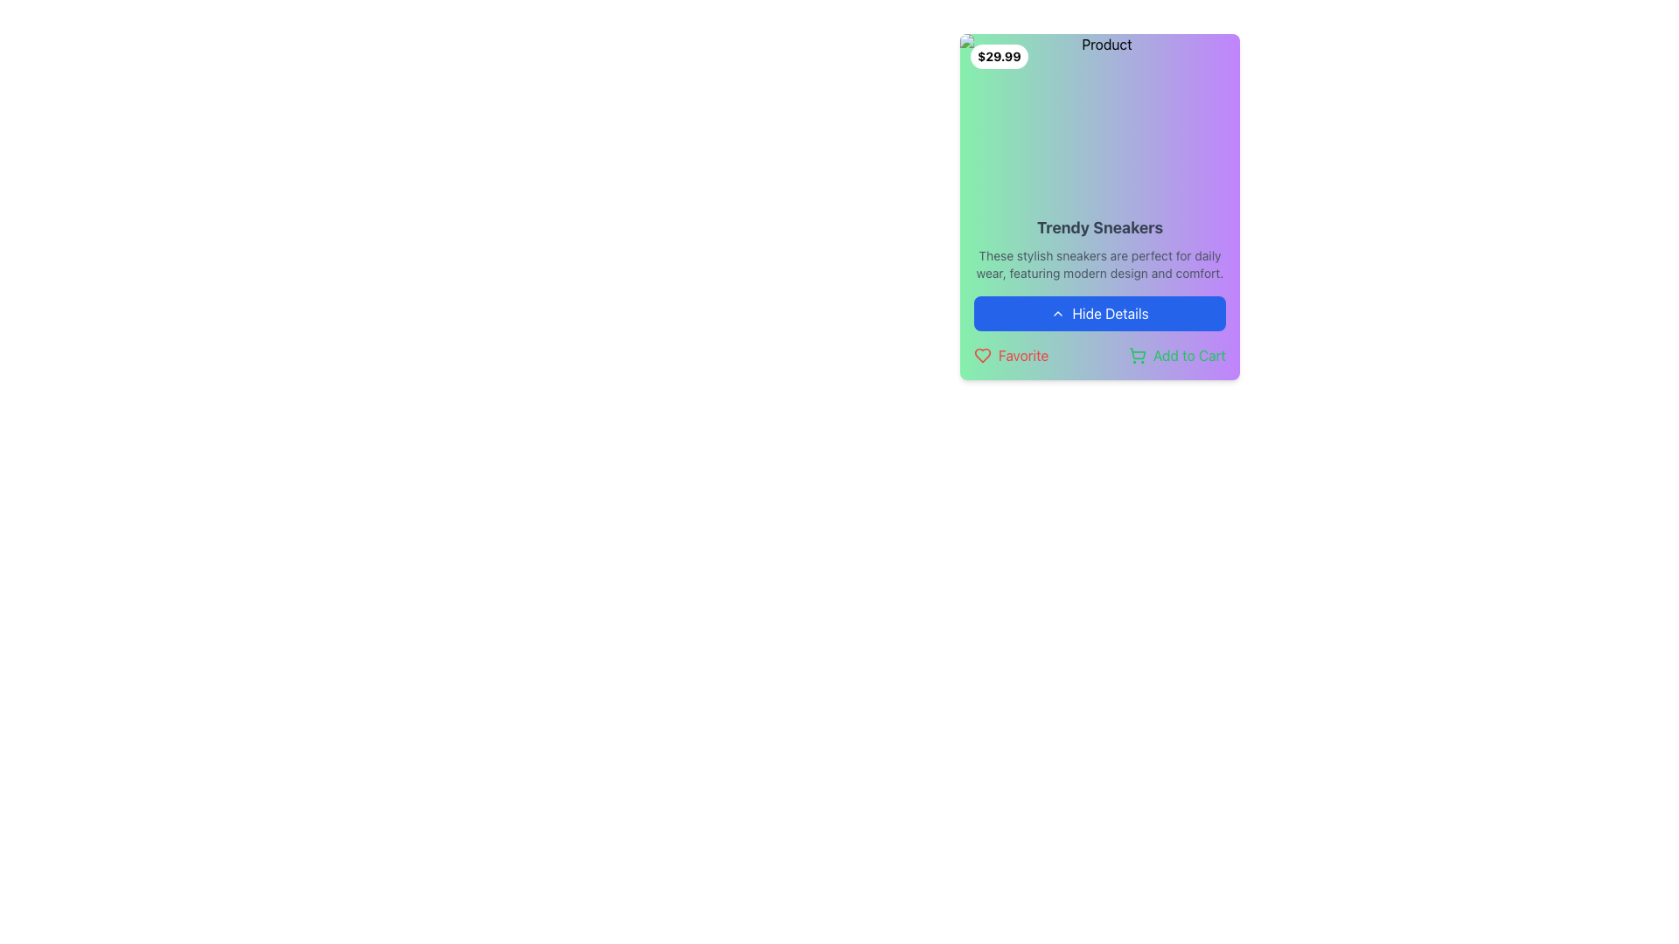 Image resolution: width=1679 pixels, height=944 pixels. Describe the element at coordinates (1057, 312) in the screenshot. I see `the collapsible 'Hide Details' button which features an arrow icon on the left side, located in the middle-bottom area of the product card interface` at that location.